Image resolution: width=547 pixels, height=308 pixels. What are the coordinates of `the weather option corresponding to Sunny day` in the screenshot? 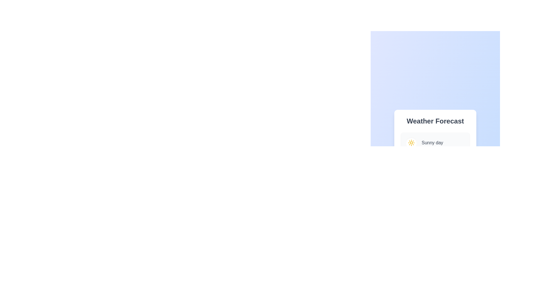 It's located at (435, 143).